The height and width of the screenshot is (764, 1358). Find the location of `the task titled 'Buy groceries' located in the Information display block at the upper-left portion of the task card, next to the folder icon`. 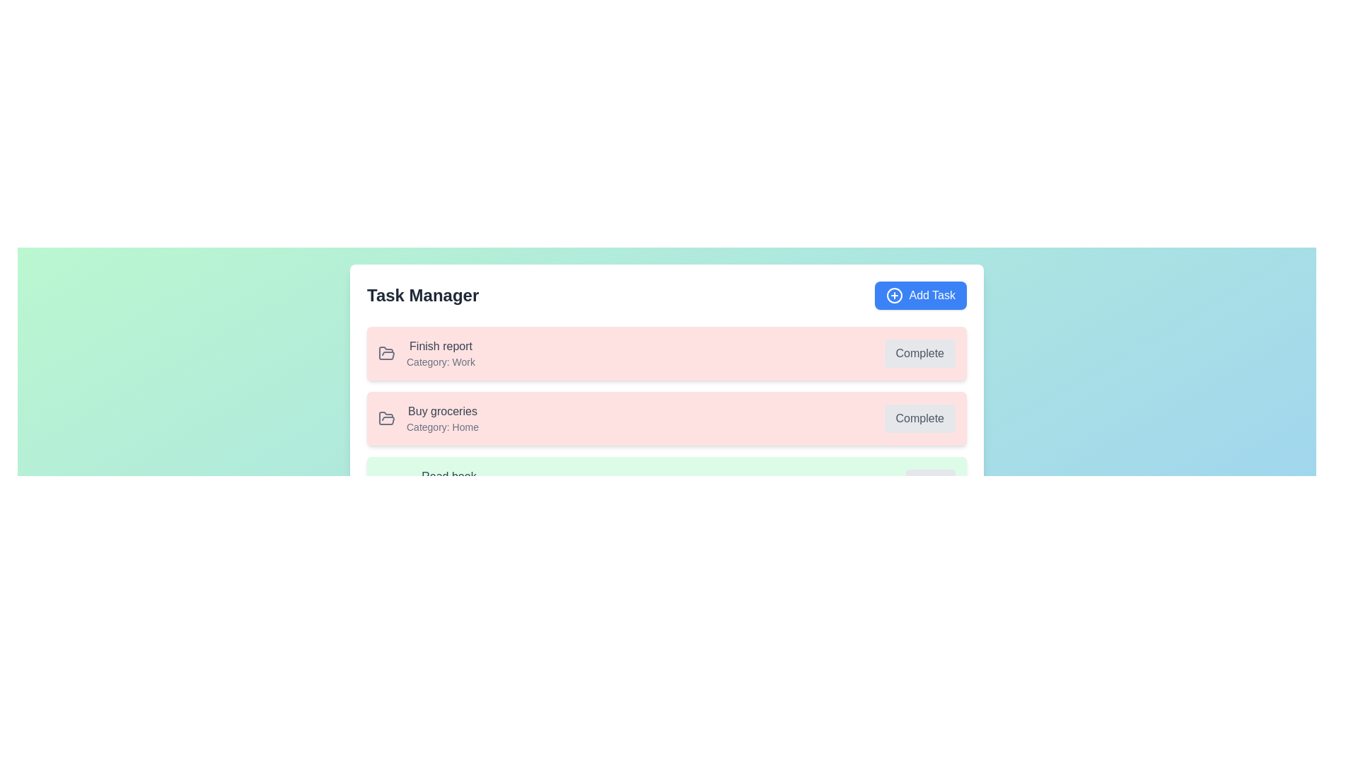

the task titled 'Buy groceries' located in the Information display block at the upper-left portion of the task card, next to the folder icon is located at coordinates (427, 417).